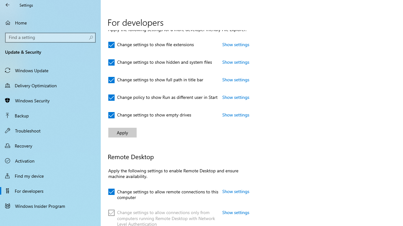 The height and width of the screenshot is (226, 403). I want to click on 'Delivery Optimization', so click(50, 85).